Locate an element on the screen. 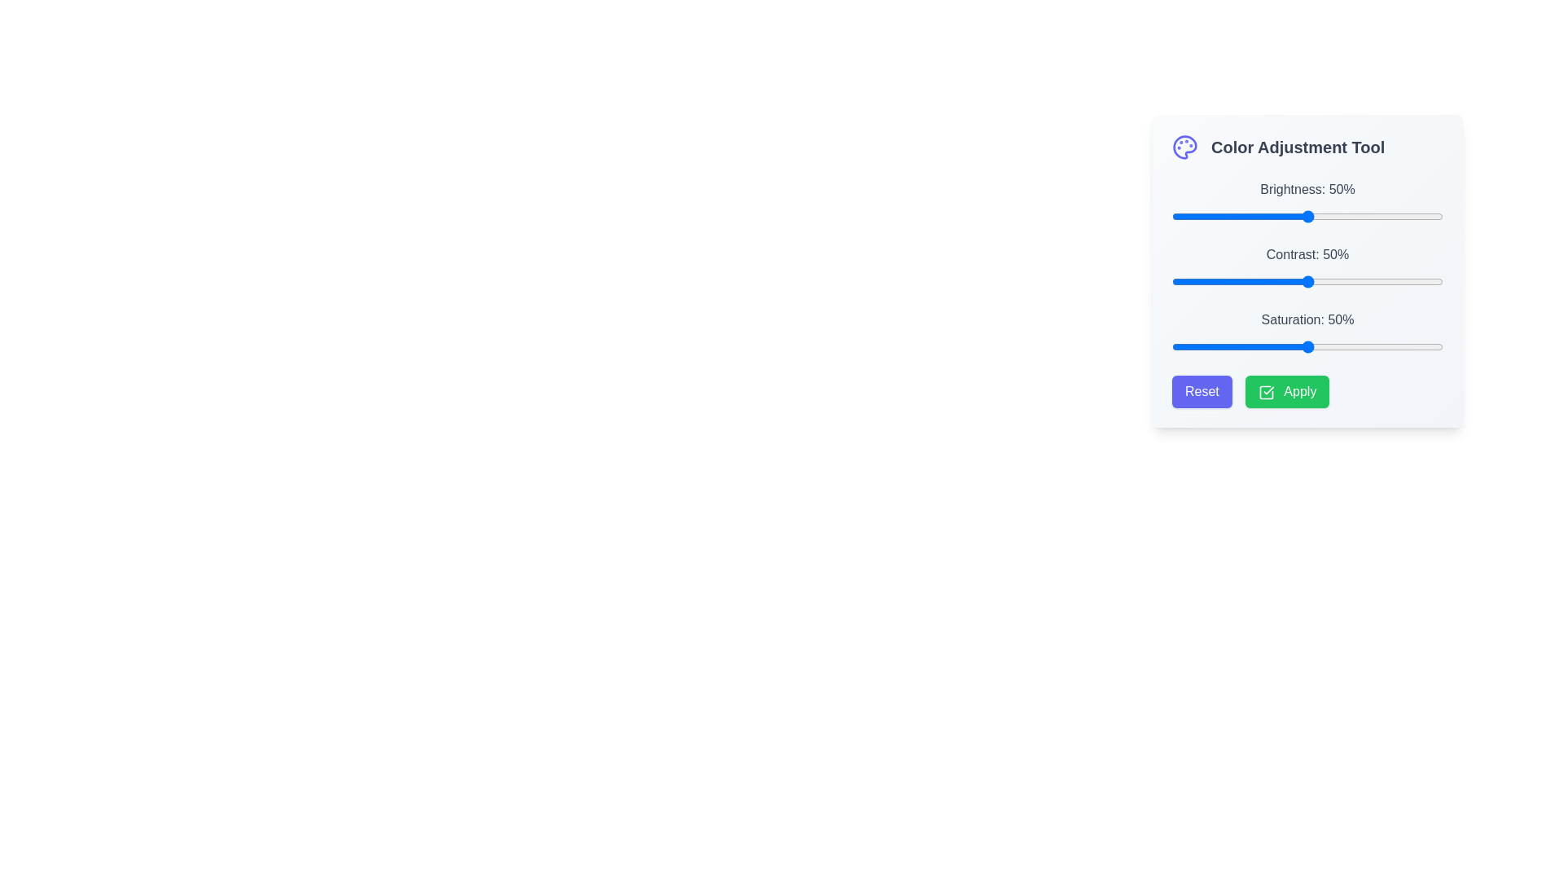  the contrast is located at coordinates (1348, 281).